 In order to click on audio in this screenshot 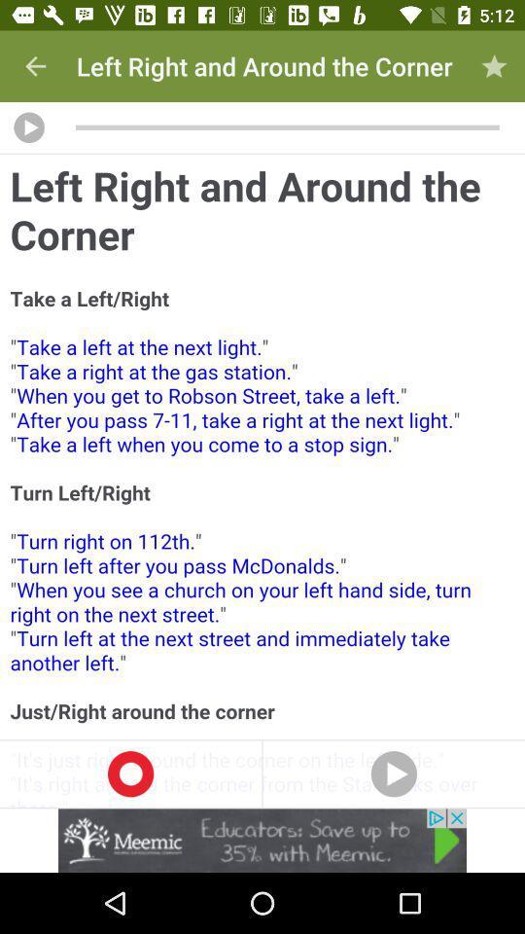, I will do `click(28, 126)`.